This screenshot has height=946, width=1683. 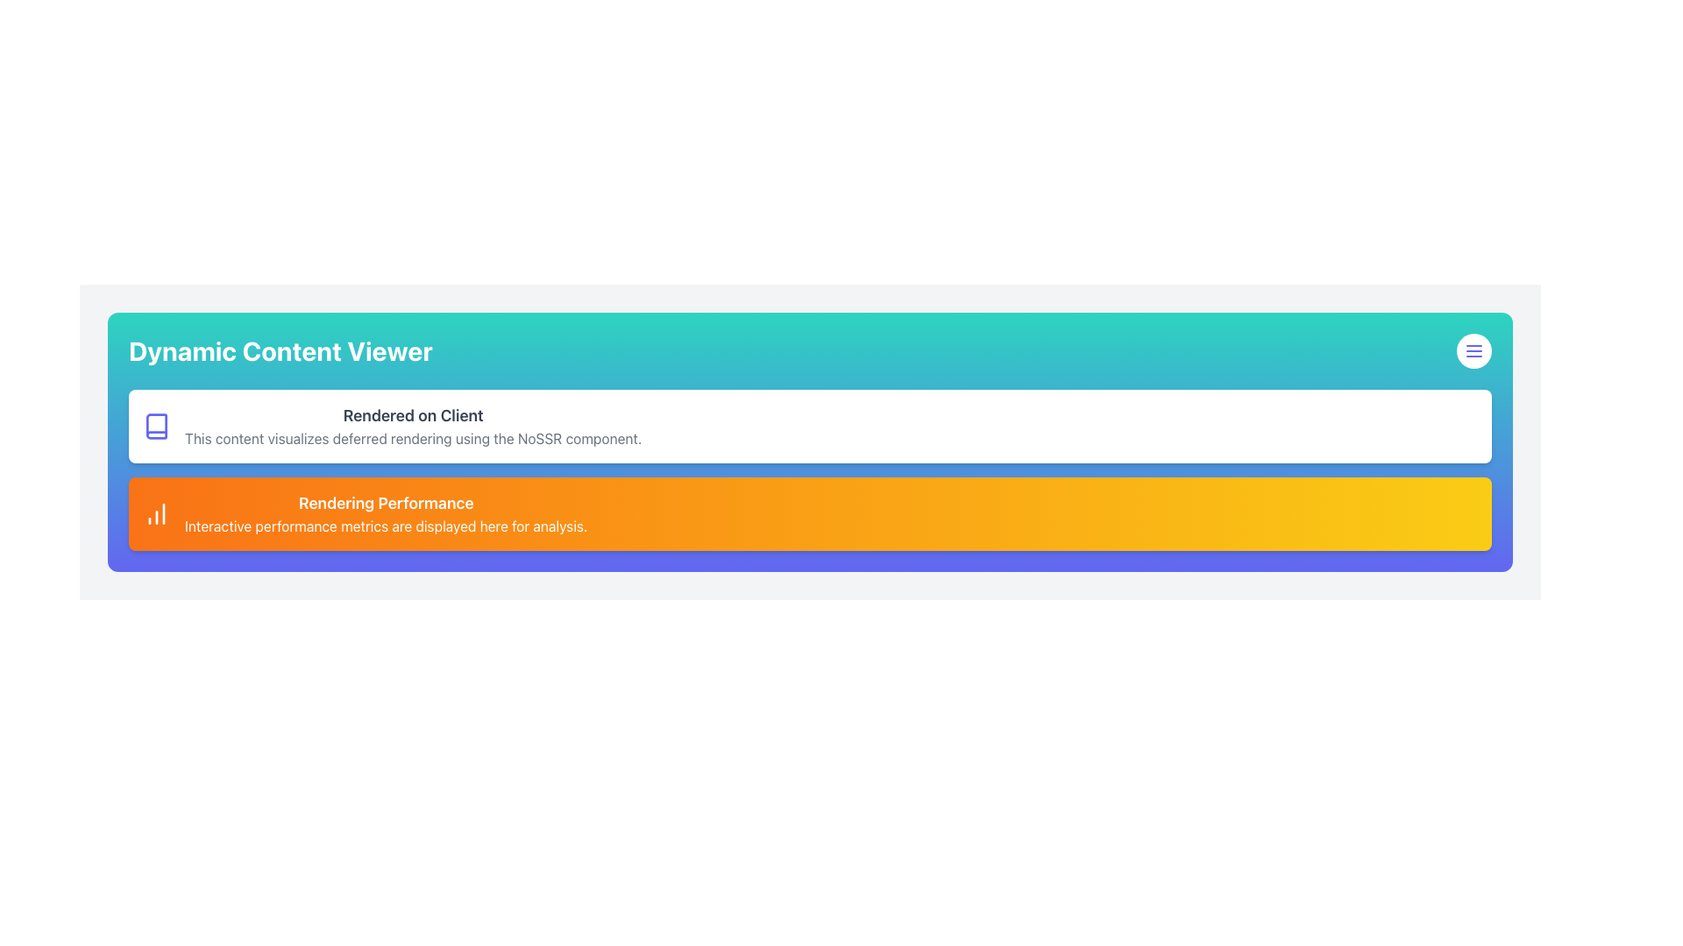 I want to click on the Text Display Element that provides a label and description for performance metrics in the 'Dynamic Content Viewer' section, located below 'Rendered on Client.', so click(x=385, y=512).